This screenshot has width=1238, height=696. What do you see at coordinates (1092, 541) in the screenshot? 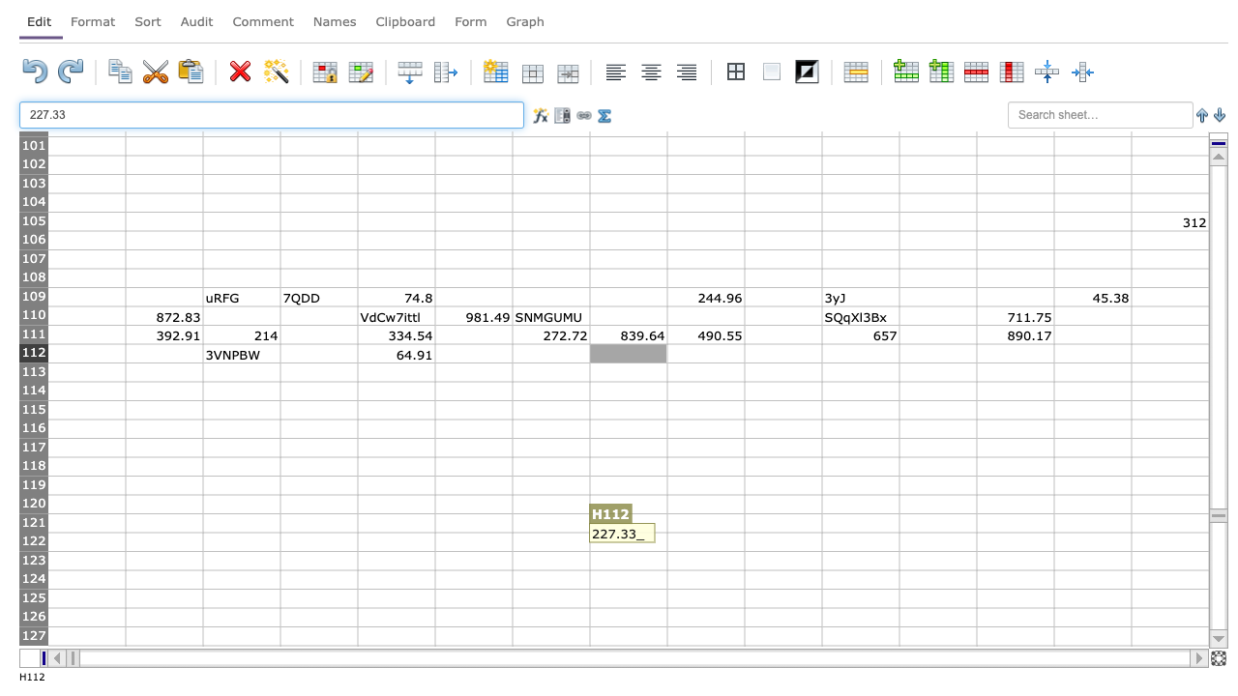
I see `C N122` at bounding box center [1092, 541].